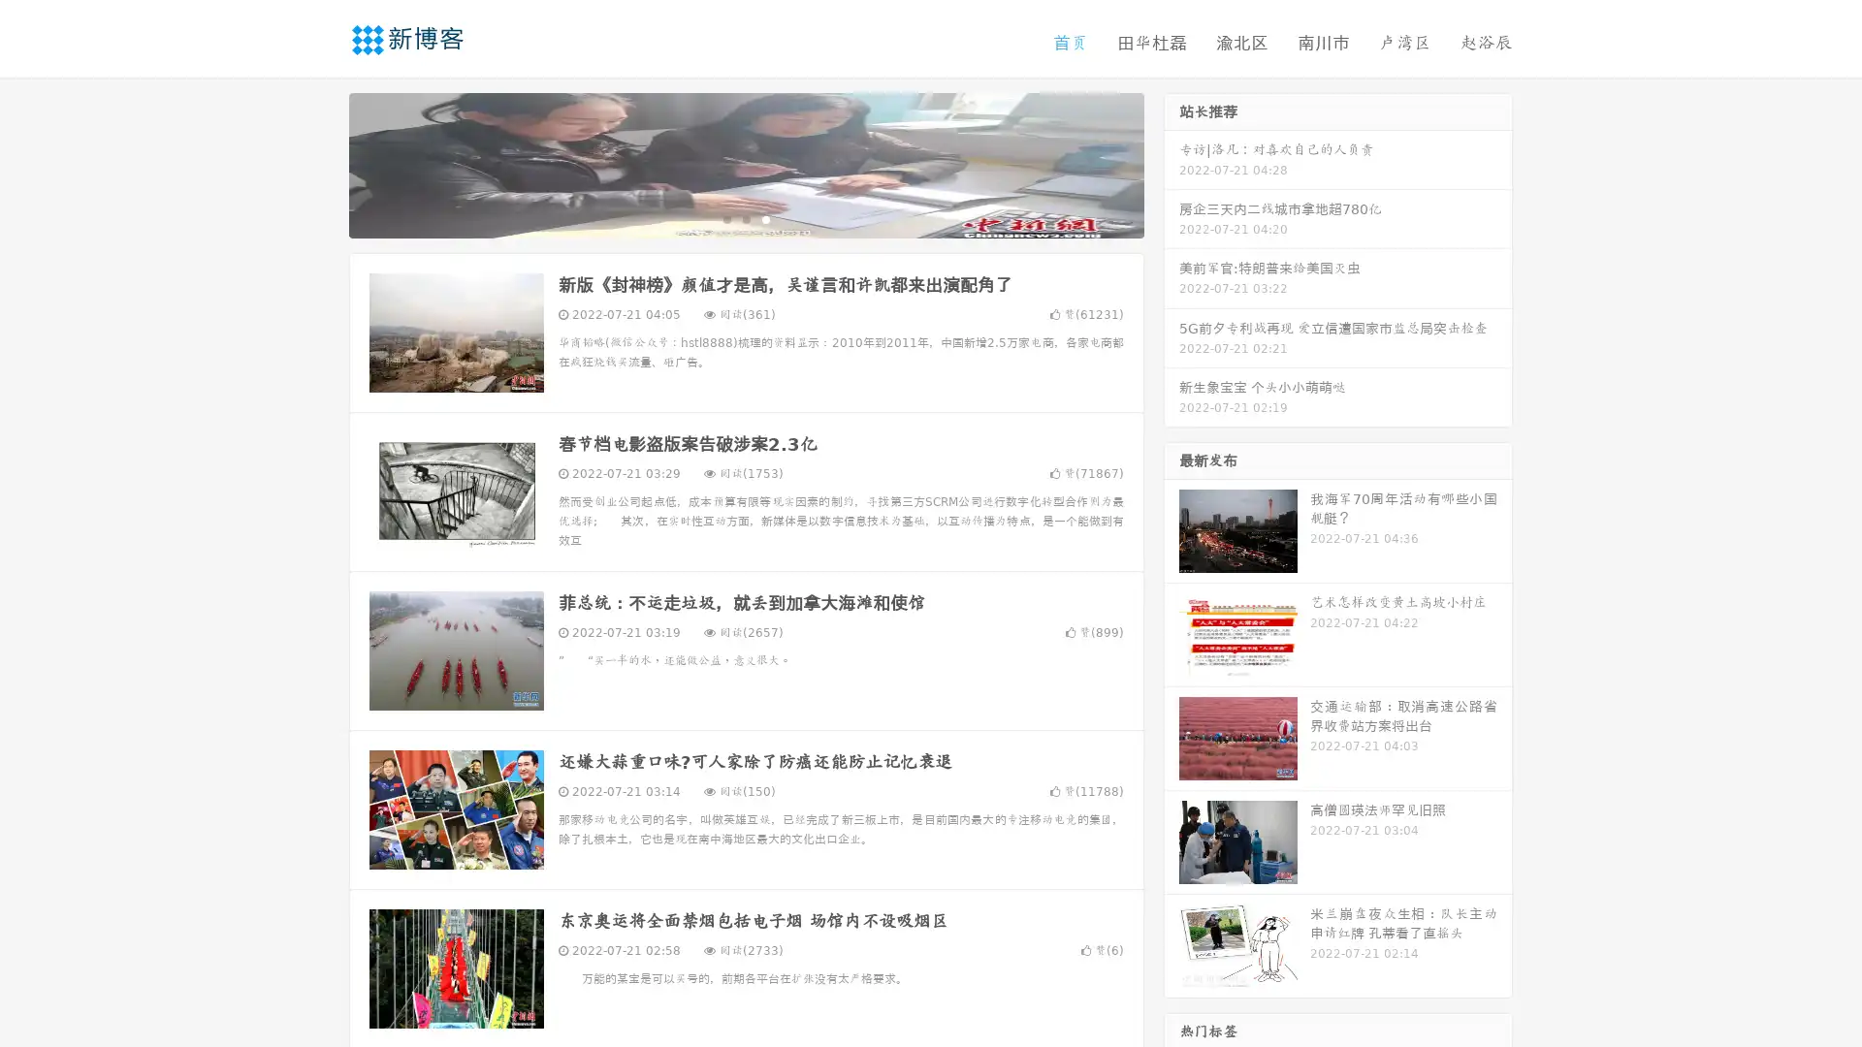 The image size is (1862, 1047). I want to click on Next slide, so click(1172, 163).